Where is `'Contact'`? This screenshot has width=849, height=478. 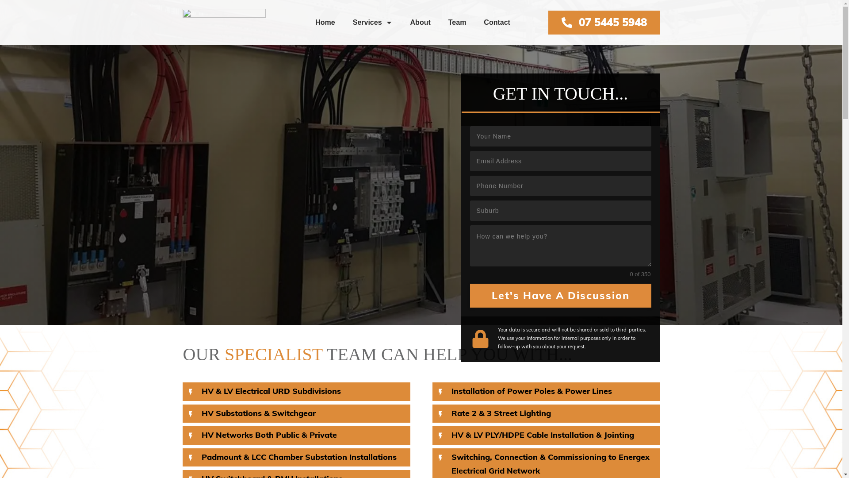 'Contact' is located at coordinates (497, 22).